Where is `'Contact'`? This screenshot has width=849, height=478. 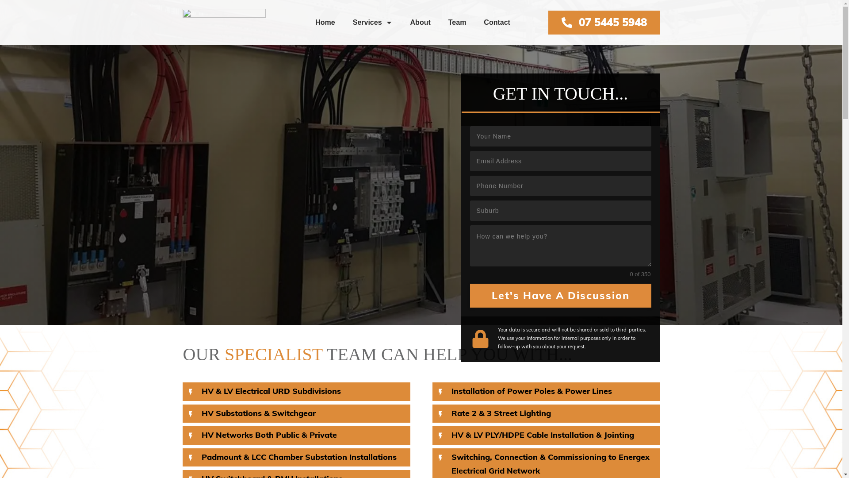 'Contact' is located at coordinates (497, 22).